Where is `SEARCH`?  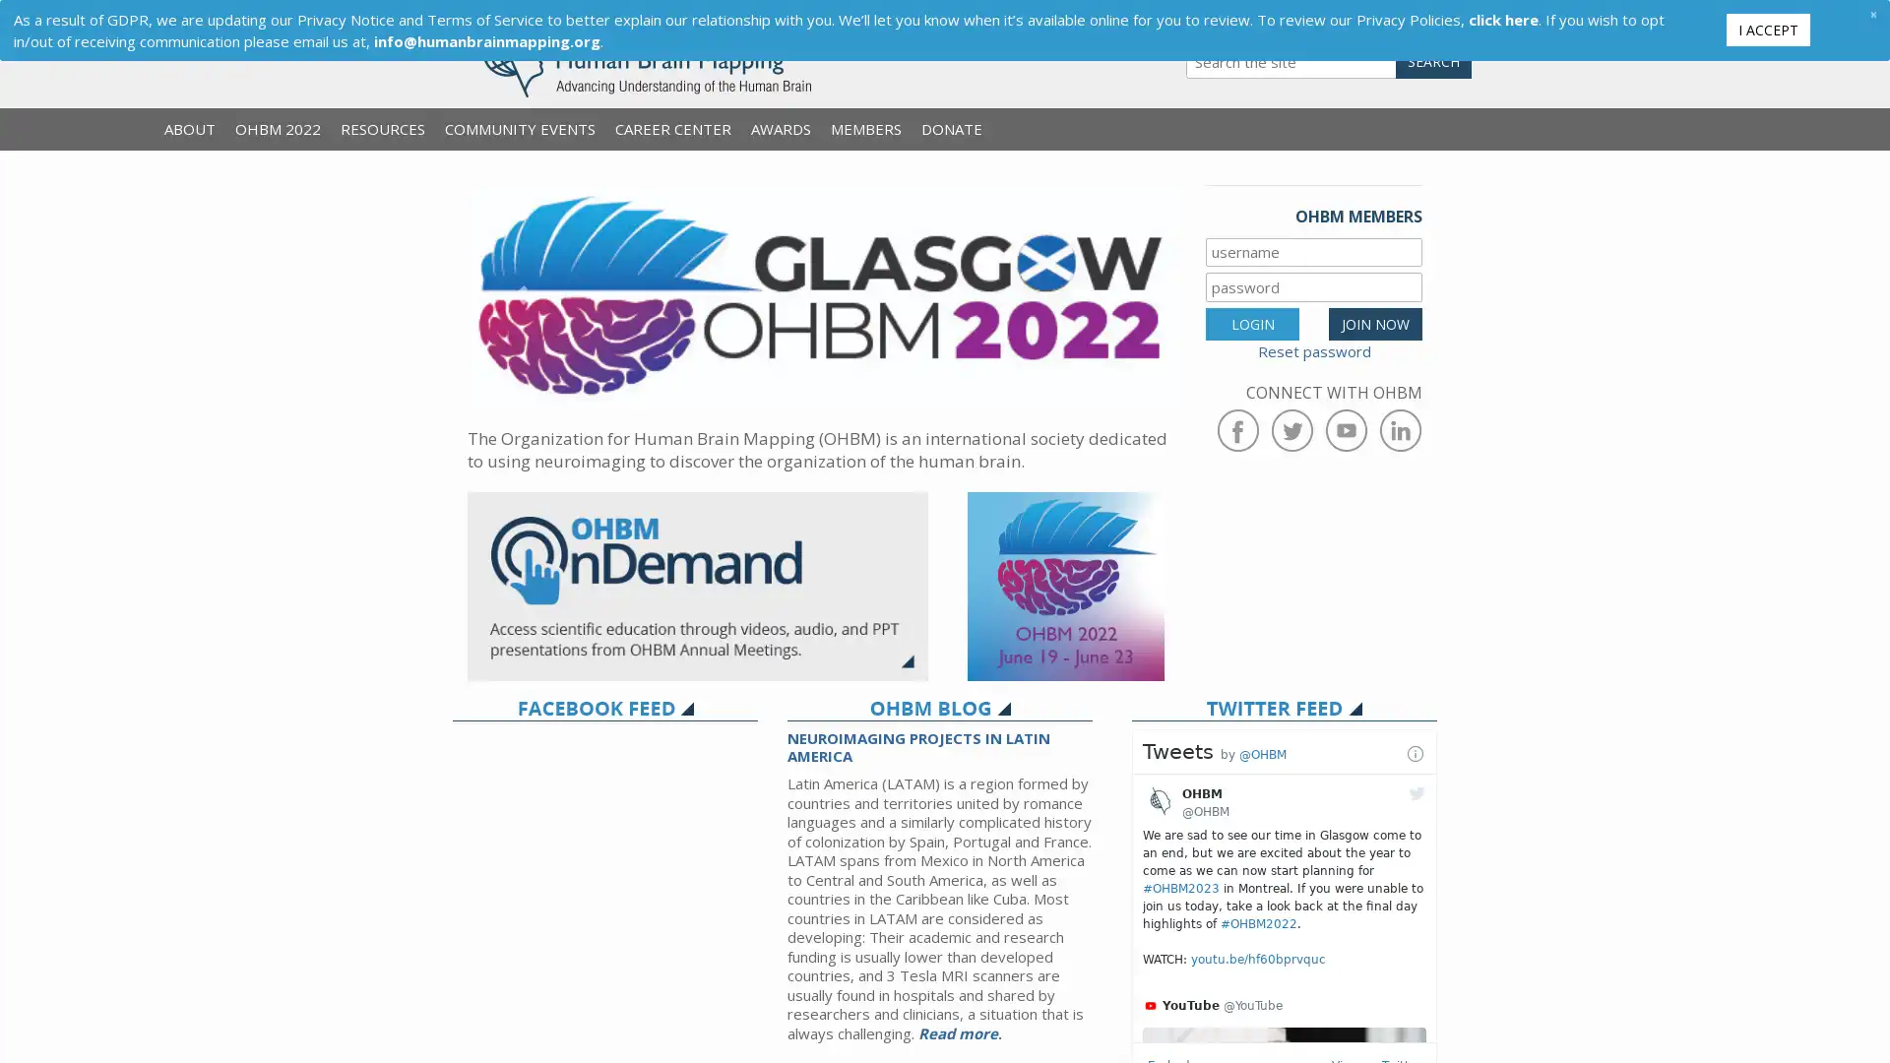 SEARCH is located at coordinates (1433, 60).